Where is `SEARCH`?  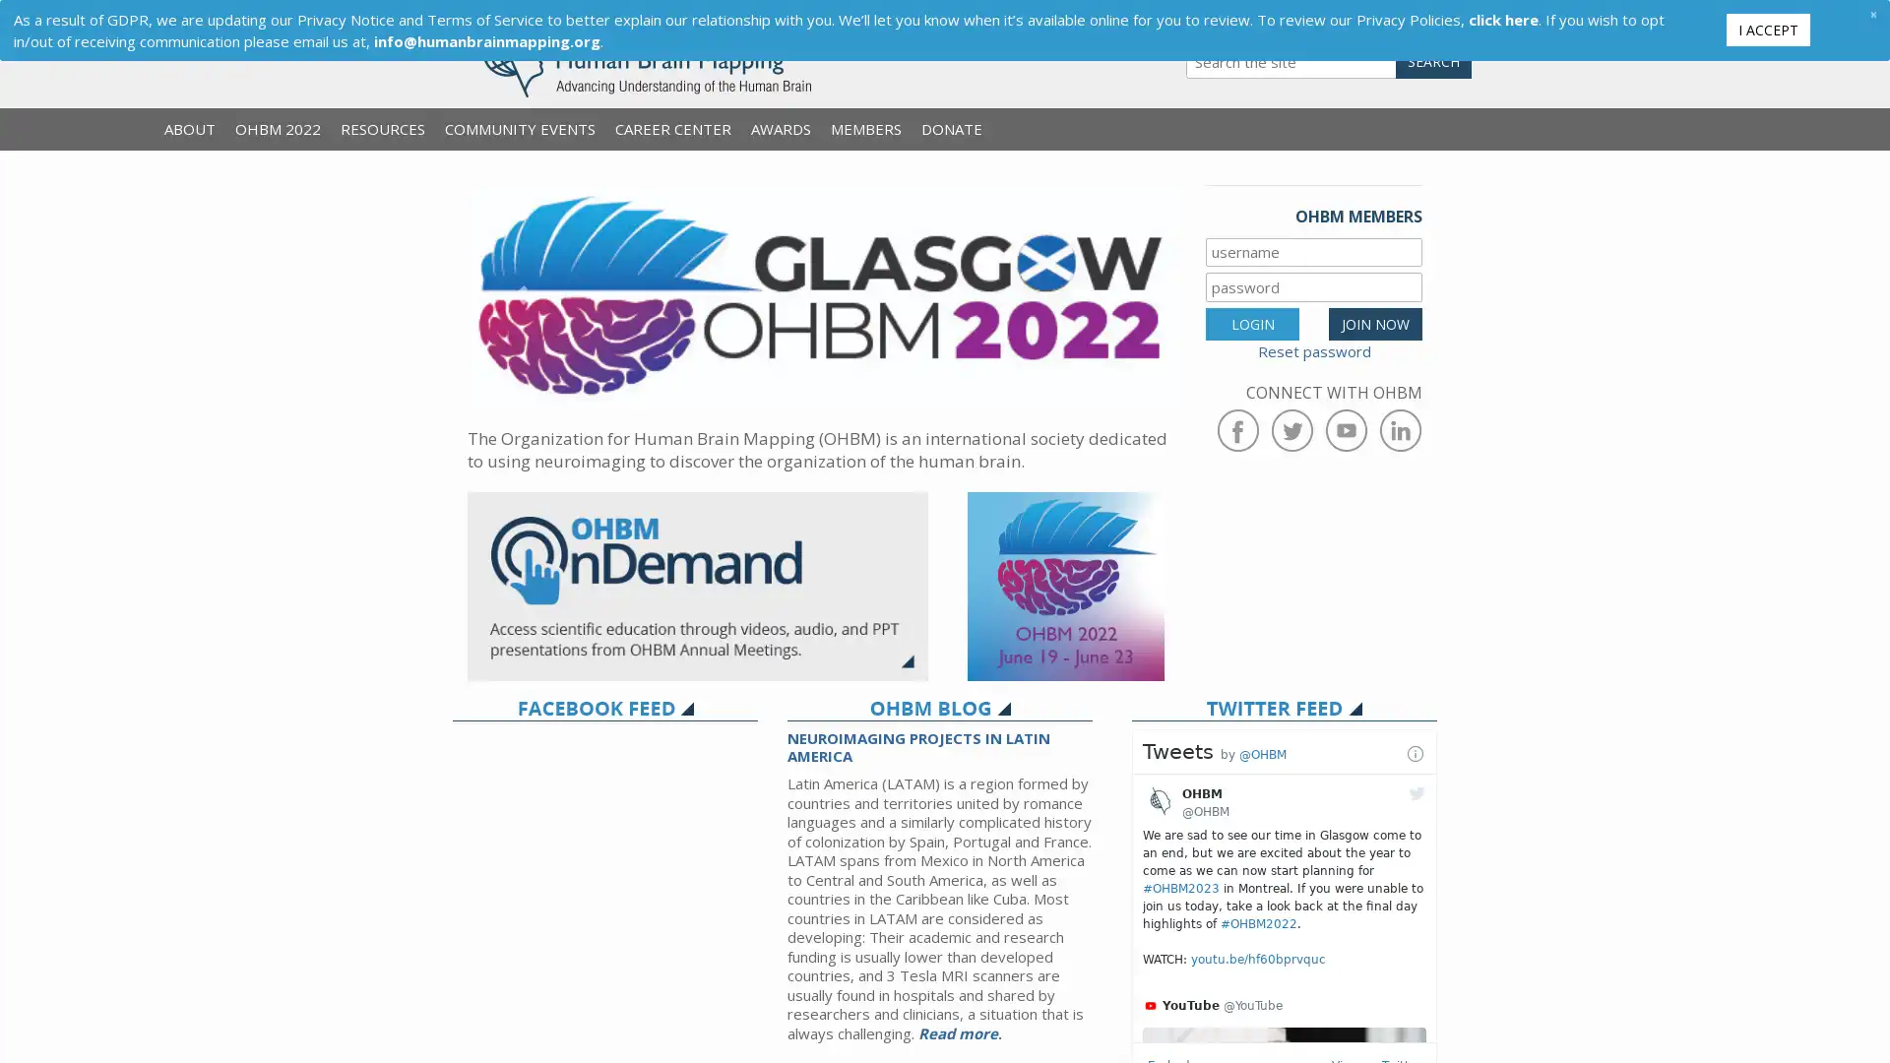 SEARCH is located at coordinates (1433, 60).